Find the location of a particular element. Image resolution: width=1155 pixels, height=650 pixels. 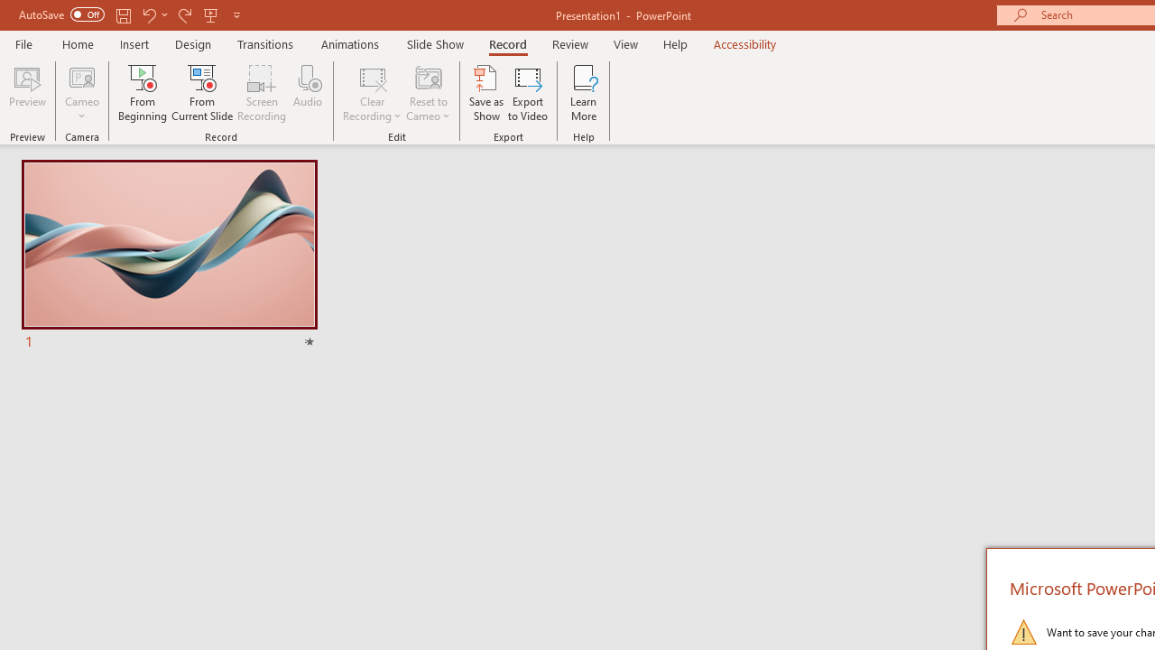

'Save as Show' is located at coordinates (486, 93).